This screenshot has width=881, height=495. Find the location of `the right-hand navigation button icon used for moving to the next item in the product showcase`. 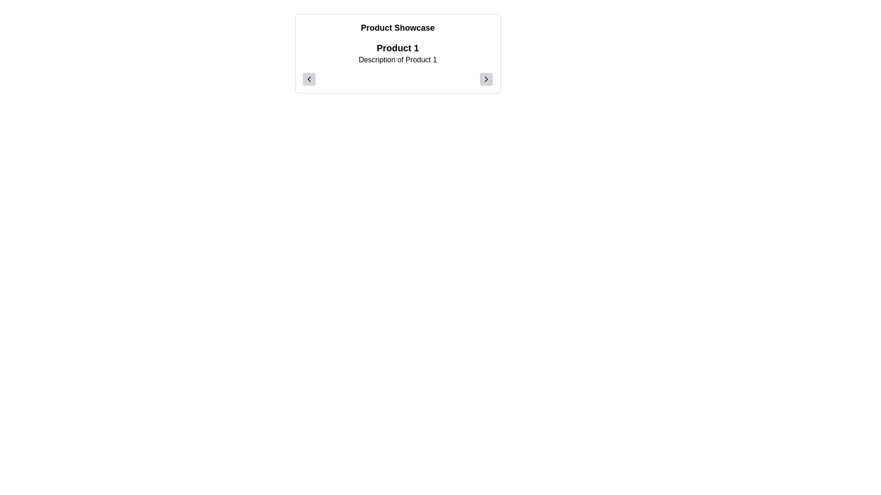

the right-hand navigation button icon used for moving to the next item in the product showcase is located at coordinates (486, 79).